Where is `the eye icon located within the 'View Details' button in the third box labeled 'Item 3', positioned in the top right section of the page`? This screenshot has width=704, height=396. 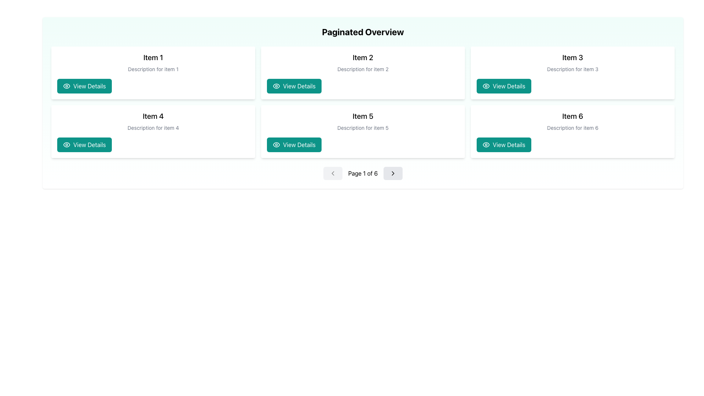
the eye icon located within the 'View Details' button in the third box labeled 'Item 3', positioned in the top right section of the page is located at coordinates (486, 86).